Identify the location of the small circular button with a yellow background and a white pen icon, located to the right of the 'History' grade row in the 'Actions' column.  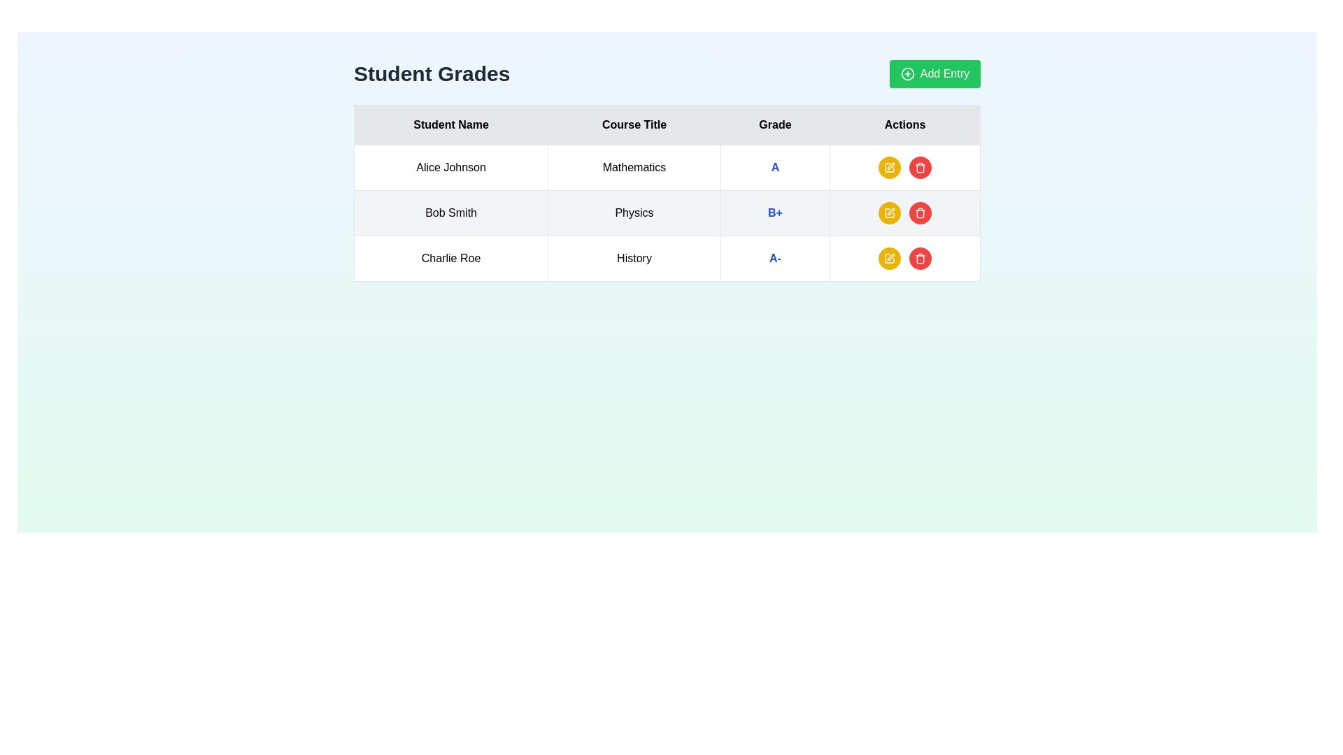
(889, 259).